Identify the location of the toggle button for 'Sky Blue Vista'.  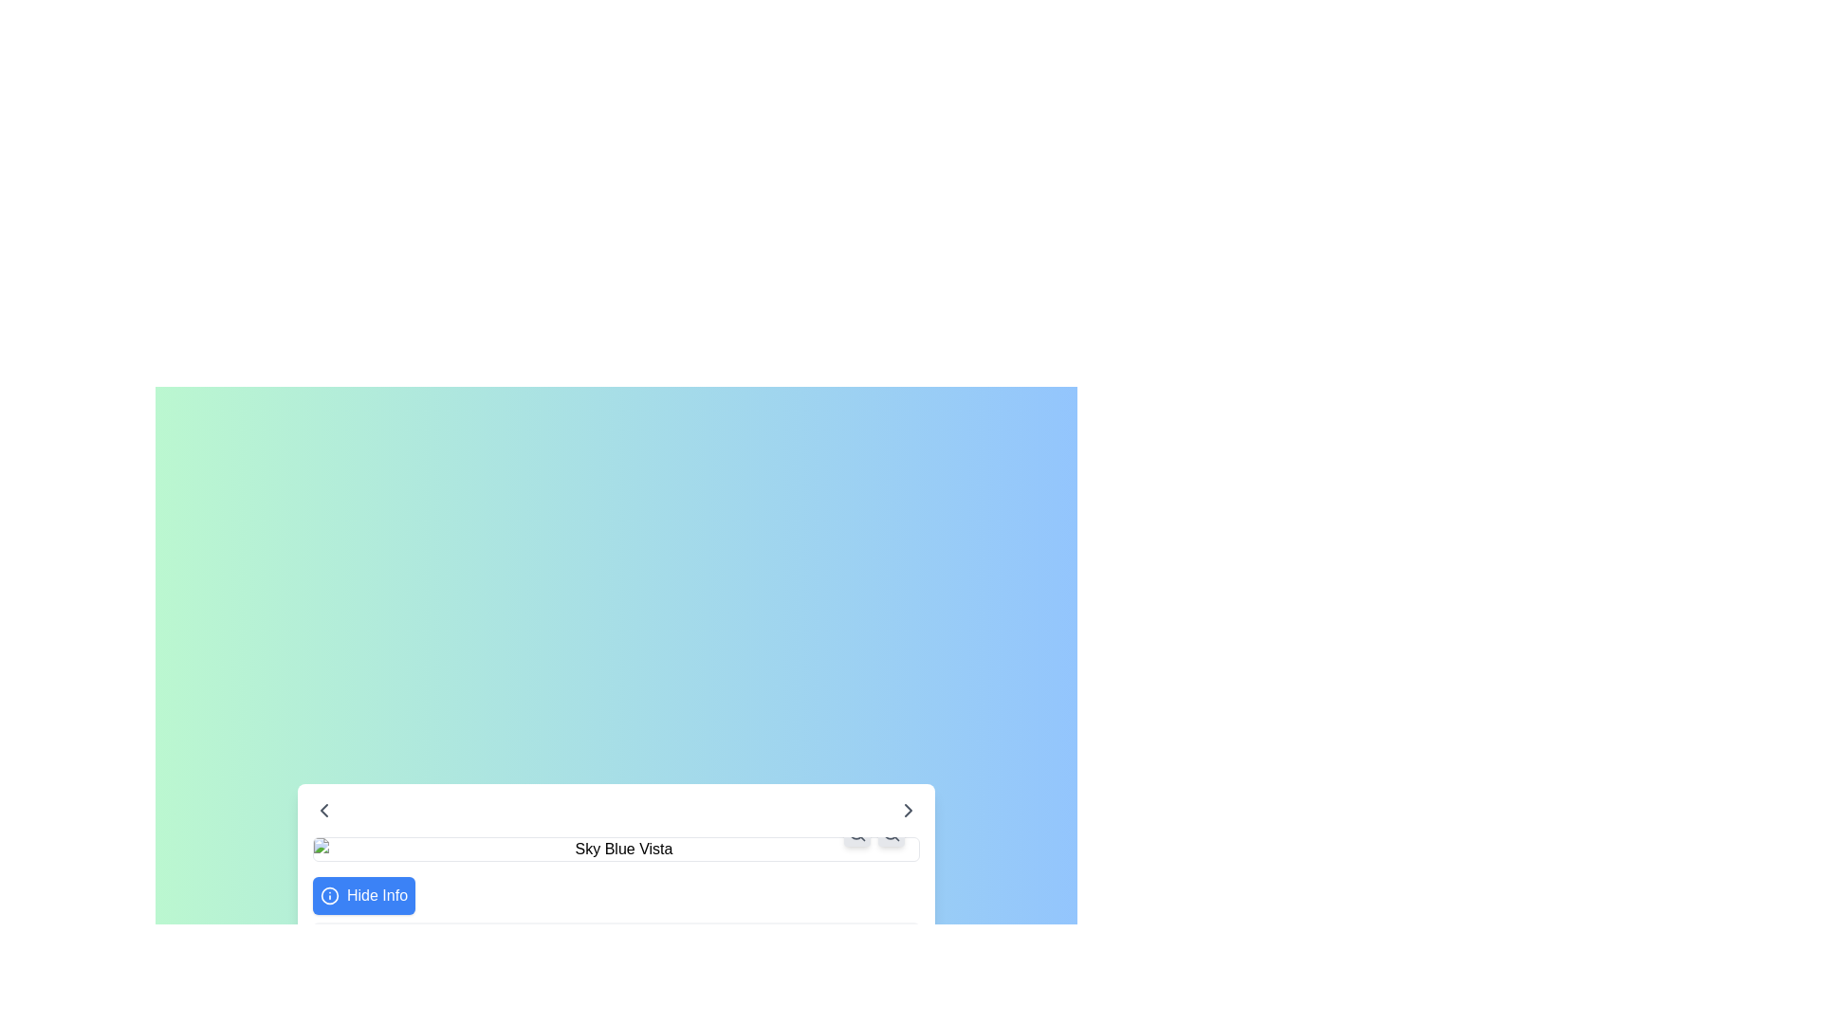
(364, 896).